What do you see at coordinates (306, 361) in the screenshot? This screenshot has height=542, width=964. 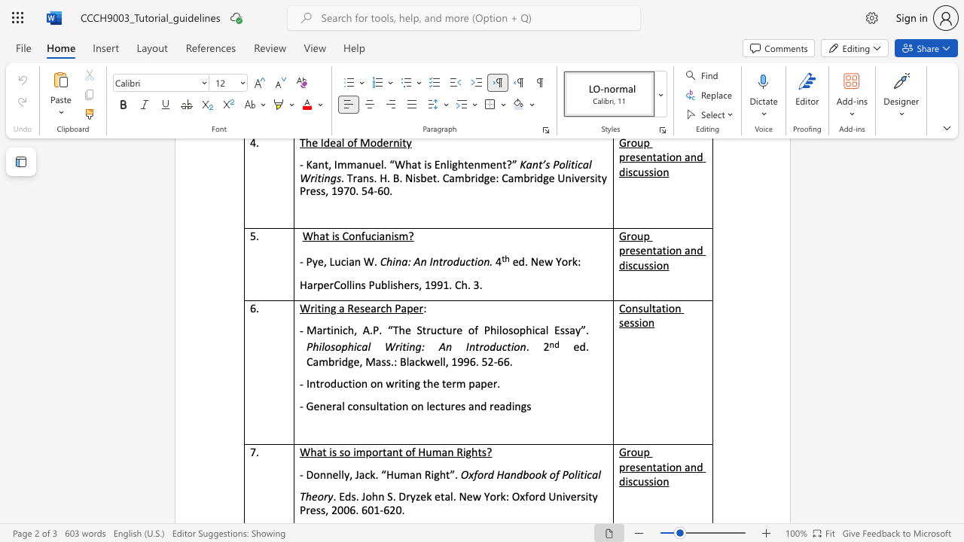 I see `the subset text "Cambridge, Mass.: Blackwell," within the text "ed. Cambridge, Mass.: Blackwell, 1996. 52-66."` at bounding box center [306, 361].